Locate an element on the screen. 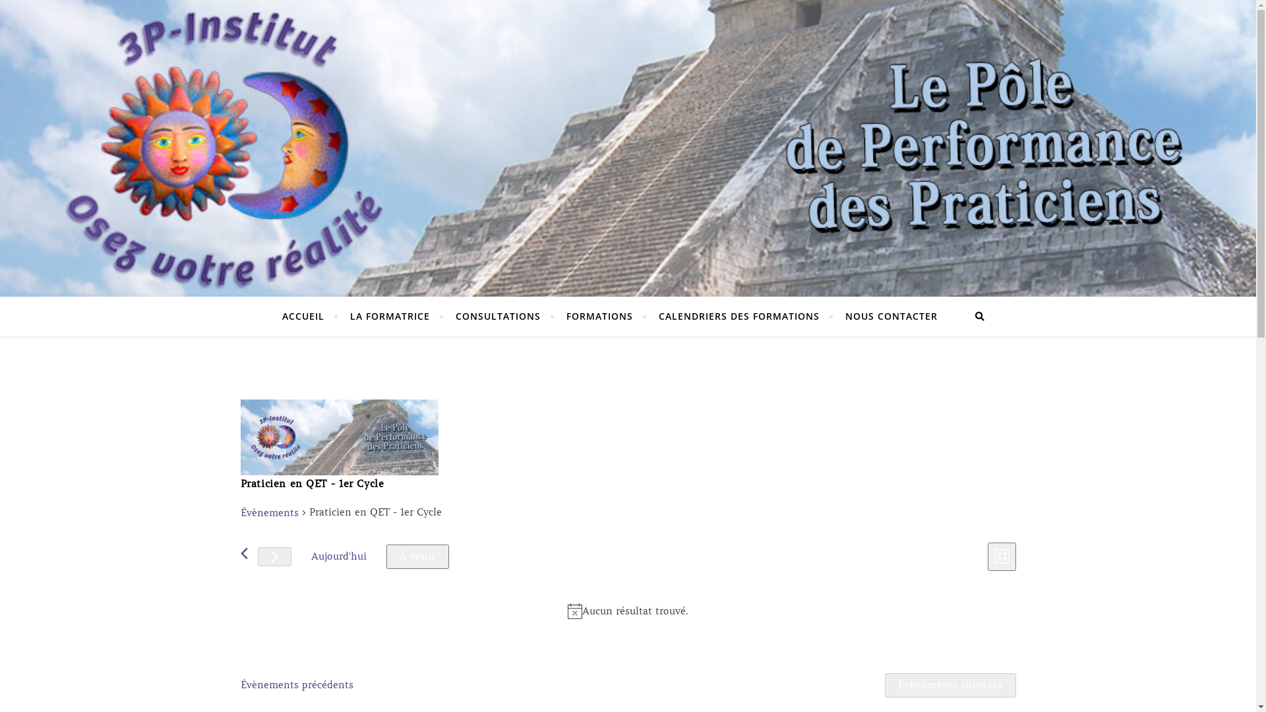 This screenshot has width=1266, height=712. 'CALENDRIERS DES FORMATIONS' is located at coordinates (739, 316).